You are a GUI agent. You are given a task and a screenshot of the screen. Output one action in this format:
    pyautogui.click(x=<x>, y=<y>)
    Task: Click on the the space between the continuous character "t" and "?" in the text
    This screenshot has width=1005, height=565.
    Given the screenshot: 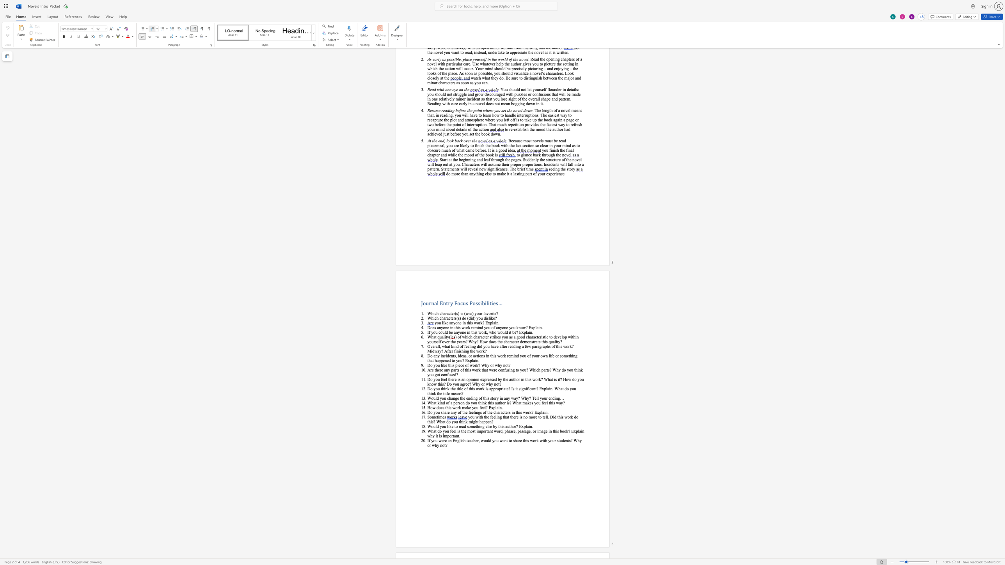 What is the action you would take?
    pyautogui.click(x=536, y=388)
    